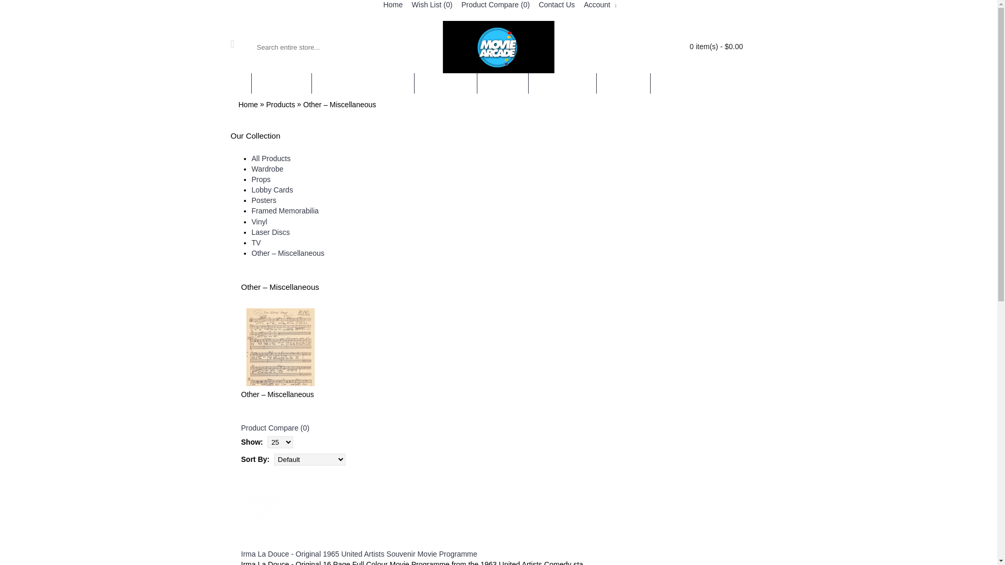 Image resolution: width=1005 pixels, height=565 pixels. What do you see at coordinates (699, 46) in the screenshot?
I see `'0 item(s) - $0.00'` at bounding box center [699, 46].